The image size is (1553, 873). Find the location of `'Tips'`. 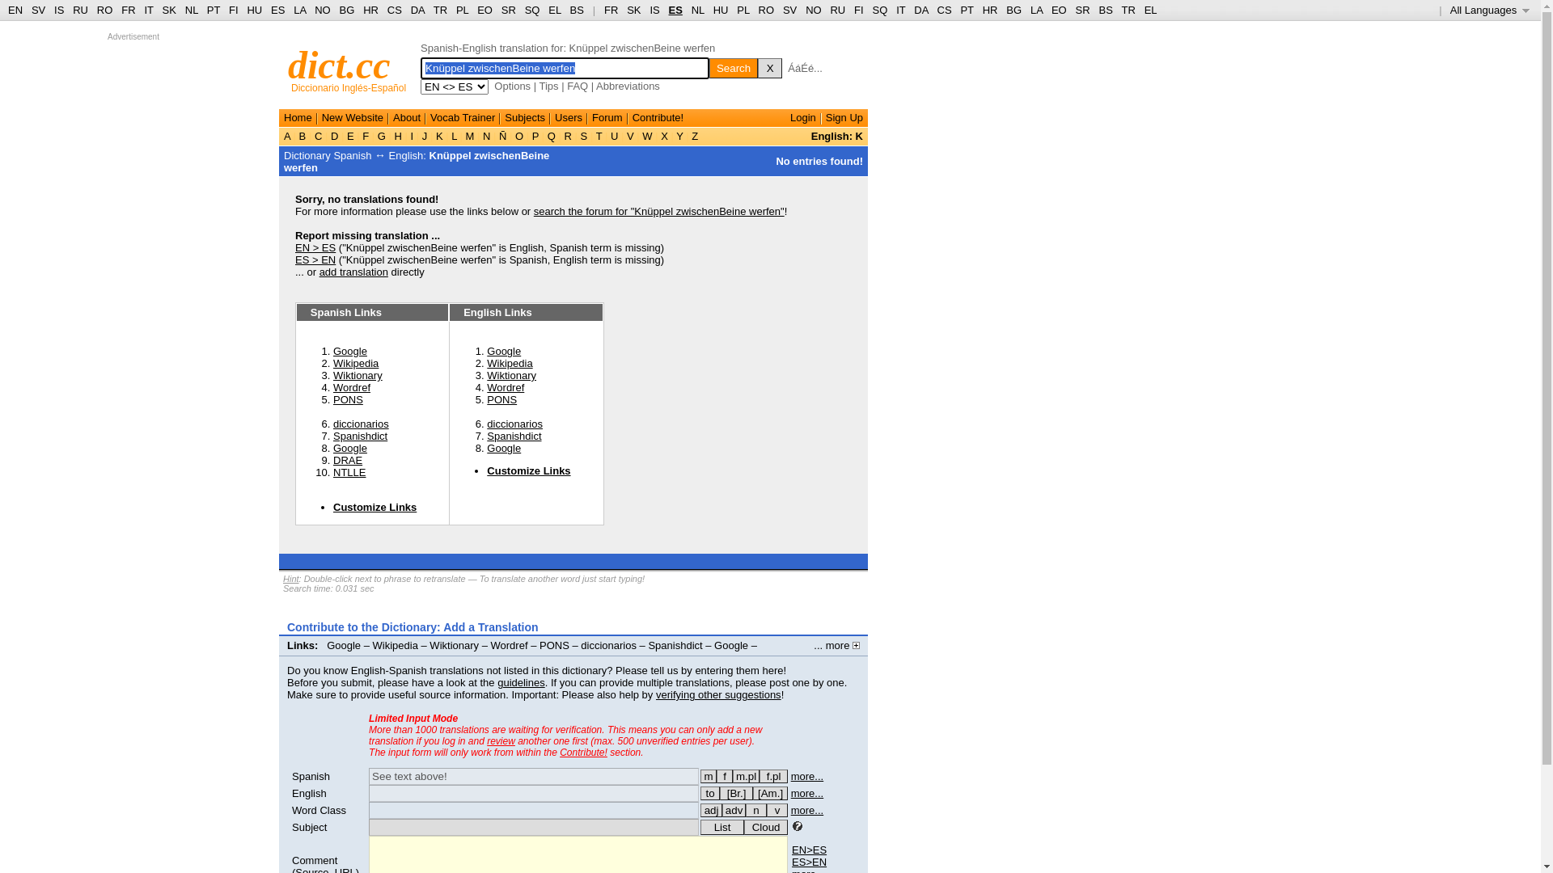

'Tips' is located at coordinates (548, 86).